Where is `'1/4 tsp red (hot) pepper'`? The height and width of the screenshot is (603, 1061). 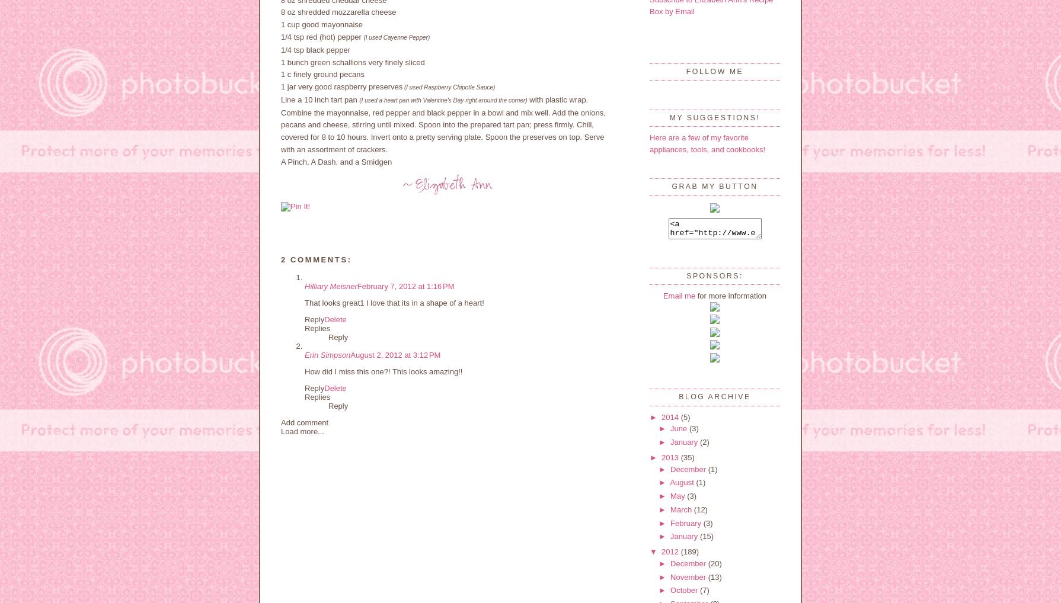
'1/4 tsp red (hot) pepper' is located at coordinates (321, 36).